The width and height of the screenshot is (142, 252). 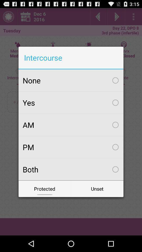 What do you see at coordinates (71, 169) in the screenshot?
I see `both` at bounding box center [71, 169].